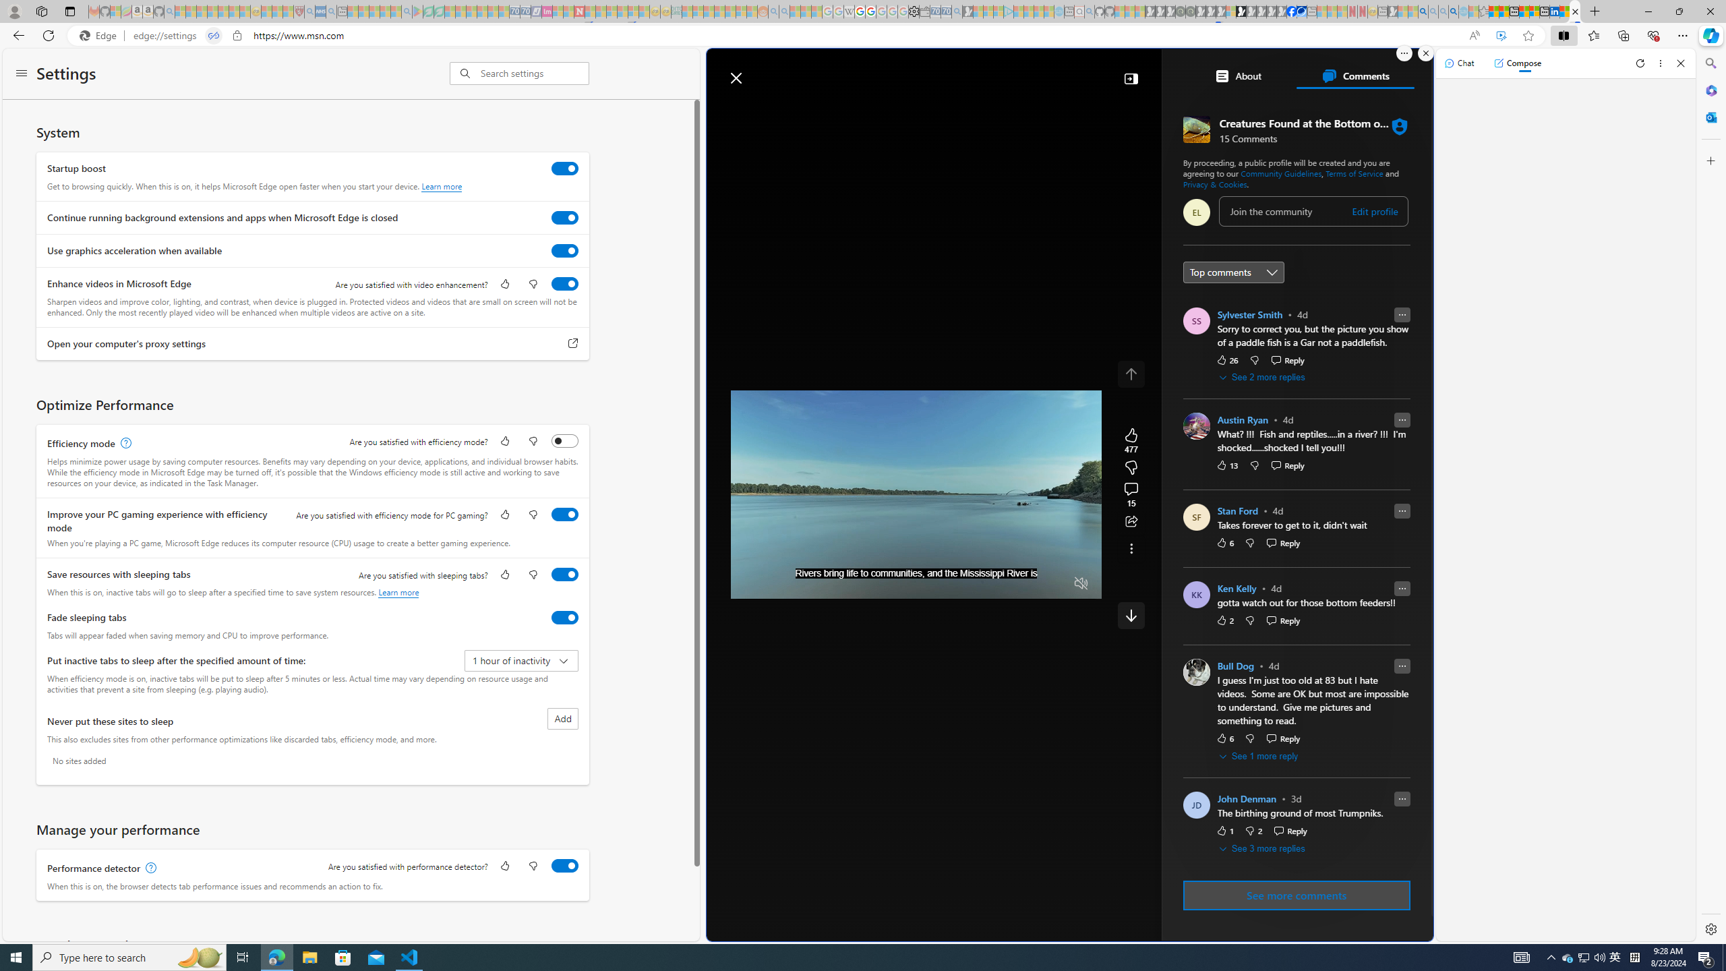  I want to click on 'Learn more', so click(398, 591).